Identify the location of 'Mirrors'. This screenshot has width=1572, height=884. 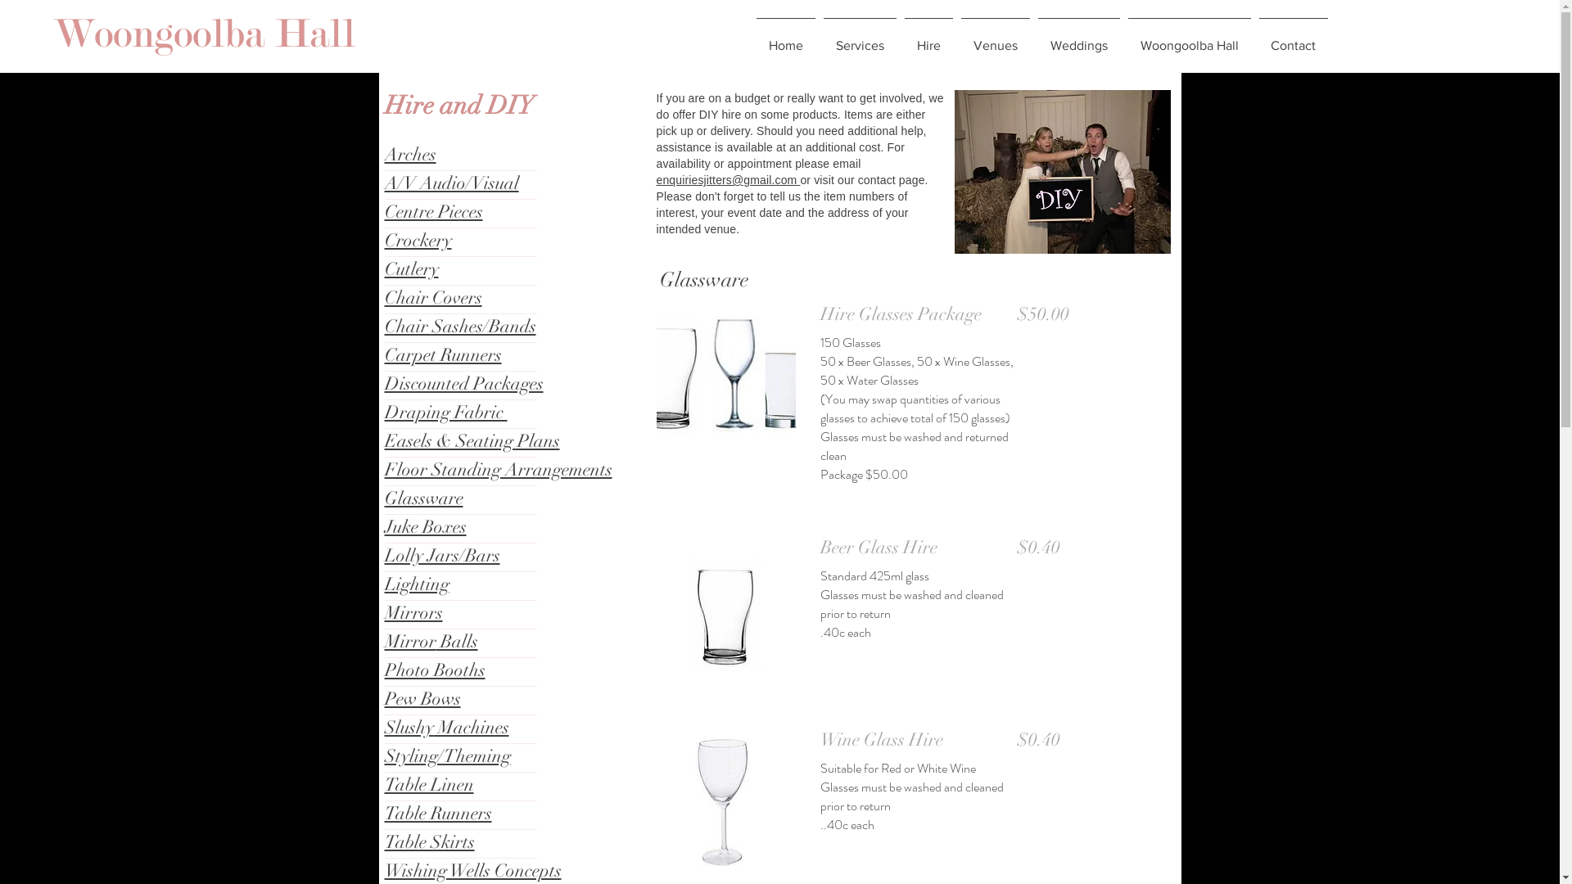
(384, 612).